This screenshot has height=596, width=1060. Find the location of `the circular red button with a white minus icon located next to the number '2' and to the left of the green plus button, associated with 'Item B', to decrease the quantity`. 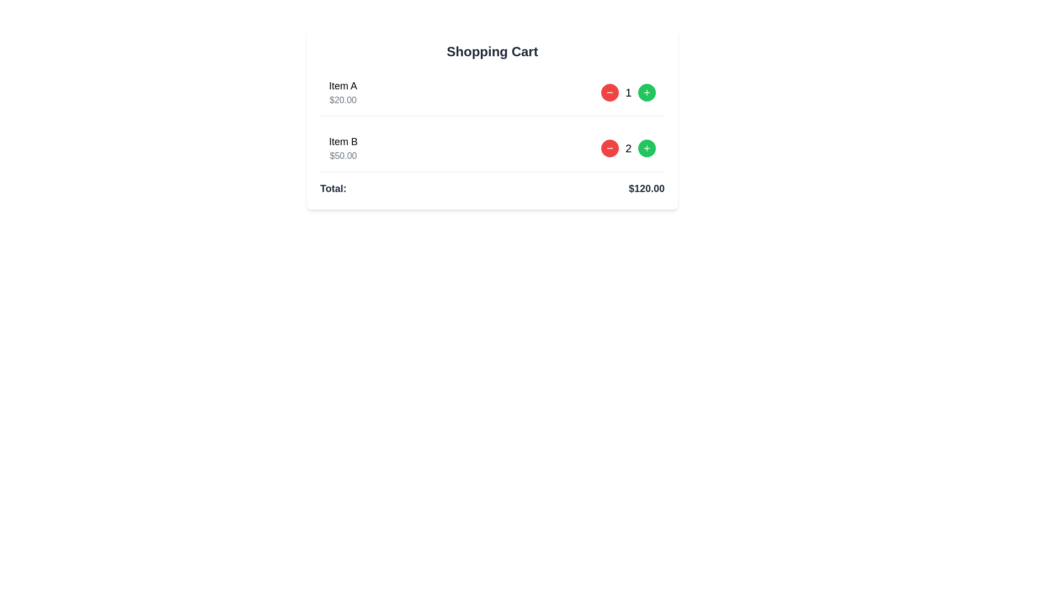

the circular red button with a white minus icon located next to the number '2' and to the left of the green plus button, associated with 'Item B', to decrease the quantity is located at coordinates (609, 148).